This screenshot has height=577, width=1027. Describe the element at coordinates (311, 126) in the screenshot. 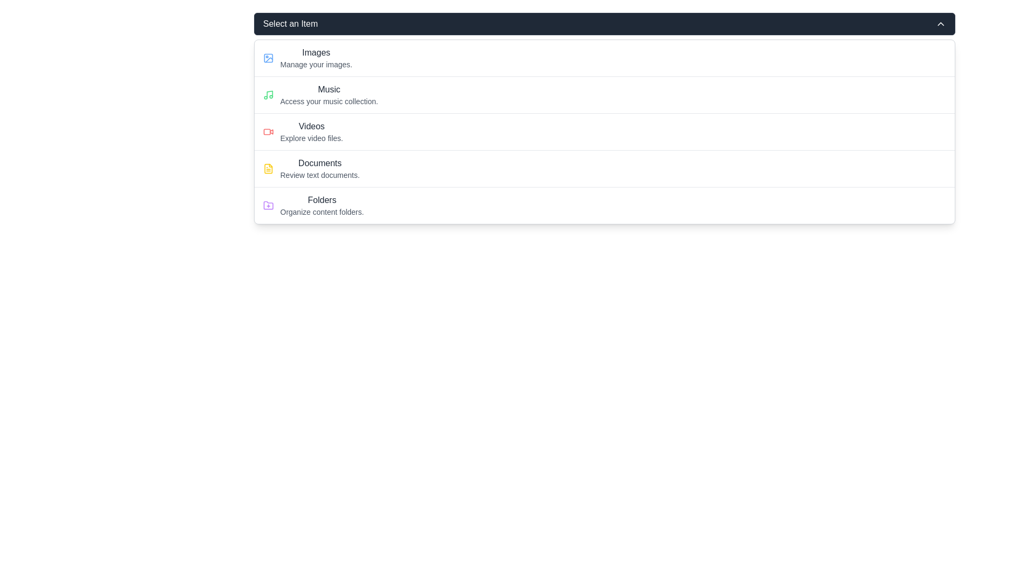

I see `the 'Videos' text label, which is bold and dark gray, positioned between the 'Music' and 'Documents' sections` at that location.